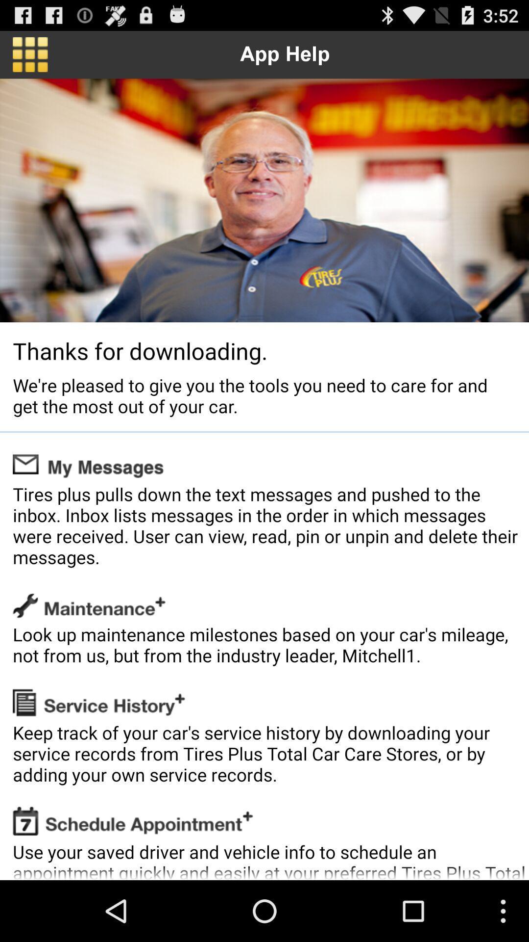  Describe the element at coordinates (29, 58) in the screenshot. I see `the dashboard icon` at that location.